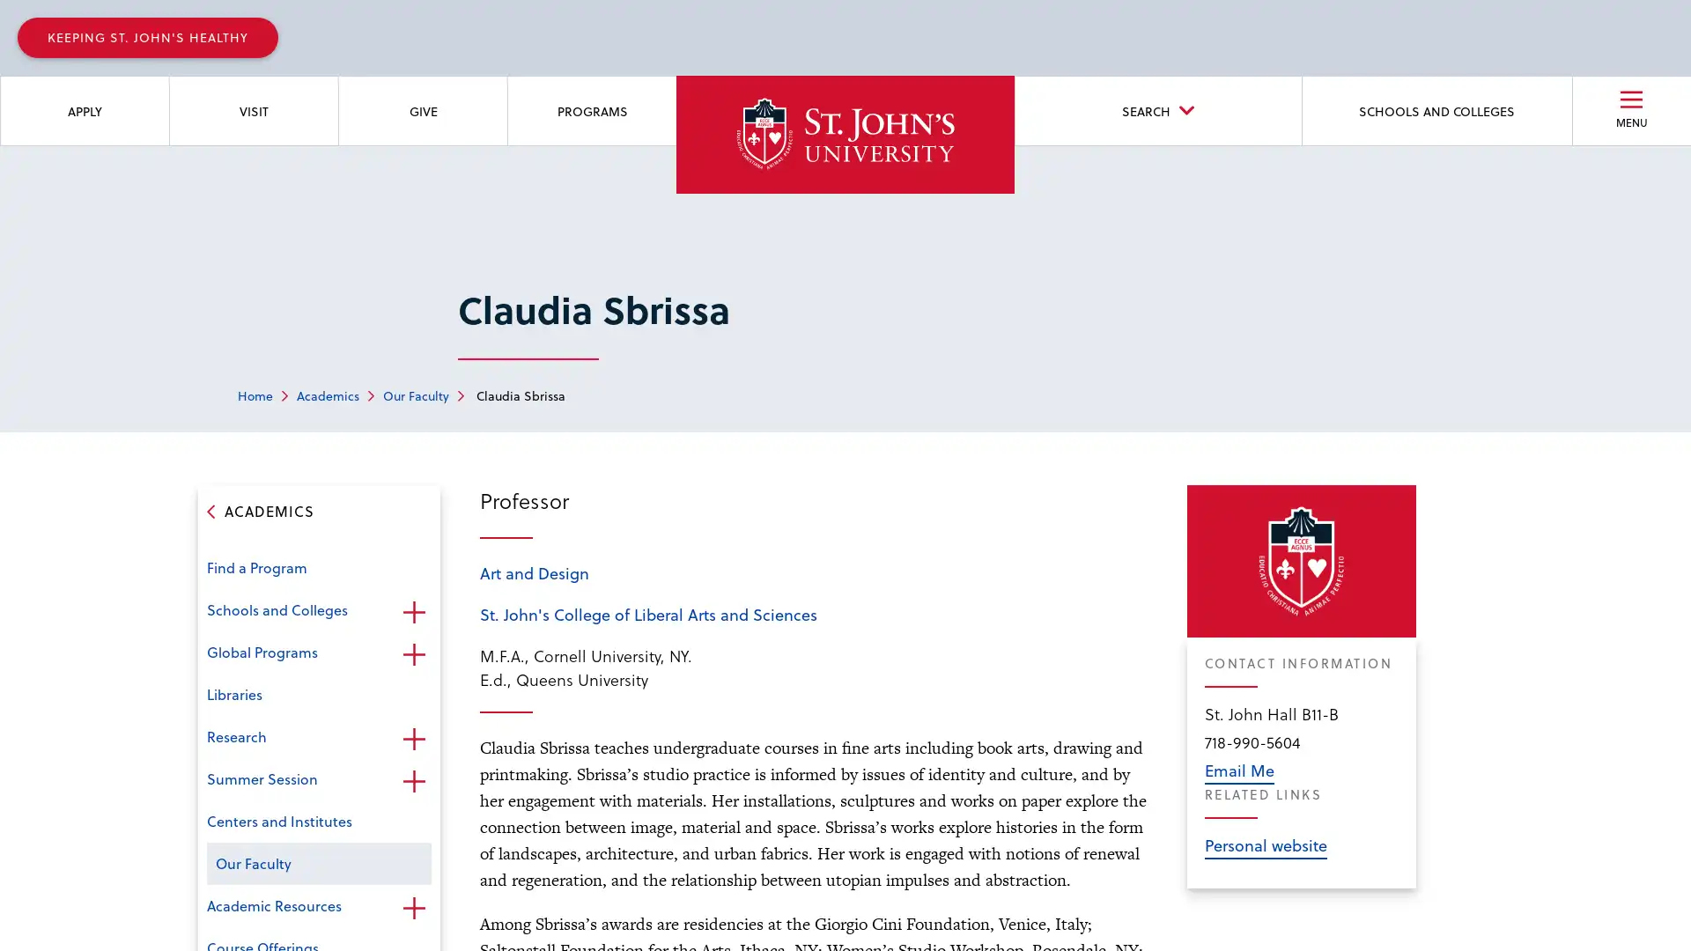 This screenshot has height=951, width=1691. Describe the element at coordinates (413, 654) in the screenshot. I see `Open the sub-menu` at that location.